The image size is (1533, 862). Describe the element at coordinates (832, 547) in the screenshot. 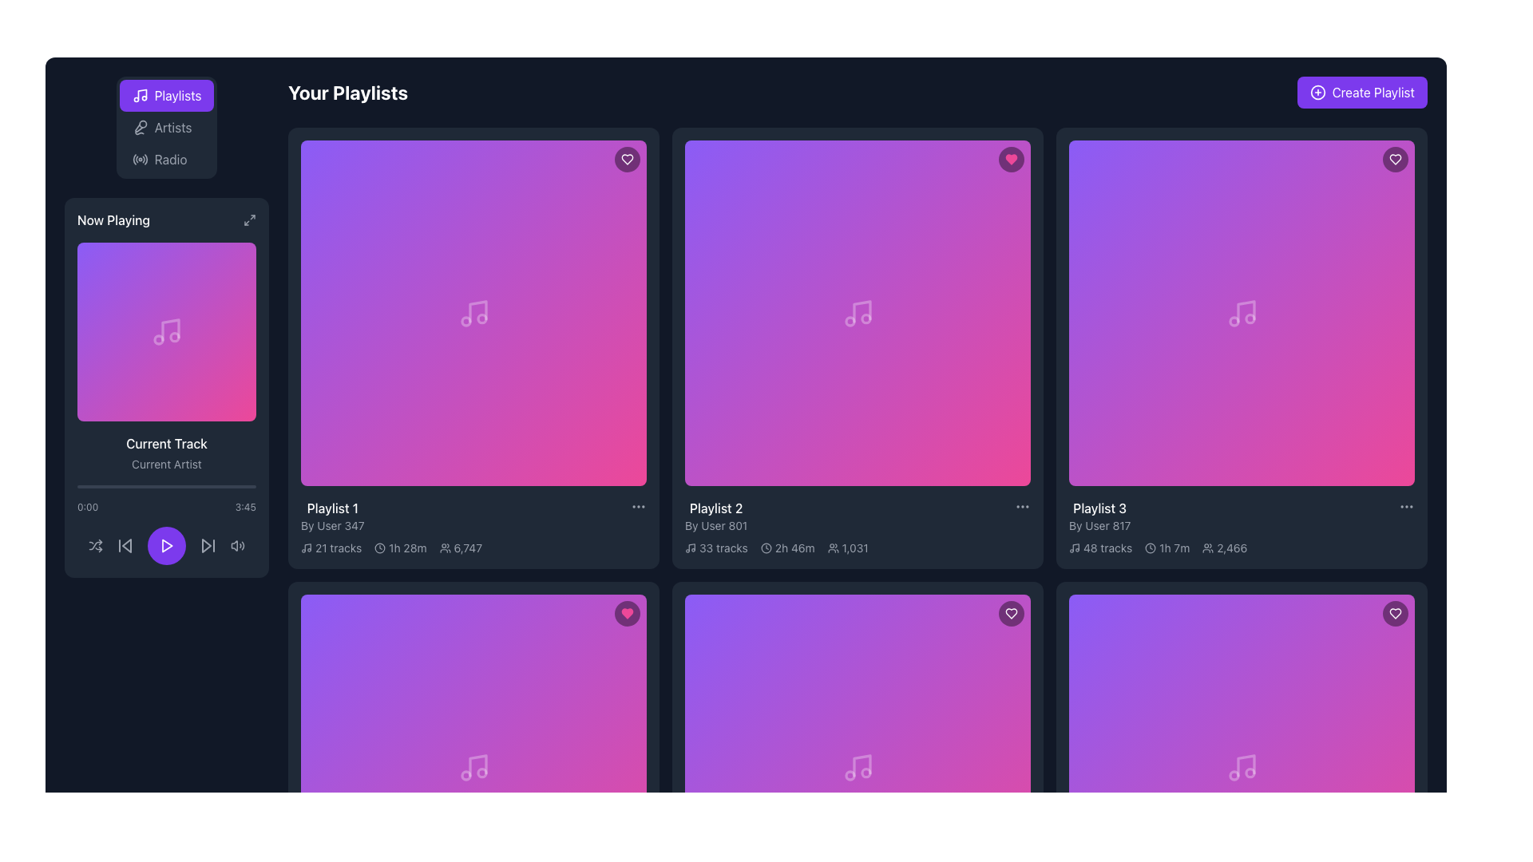

I see `the icon representing two stylized outlines of people located to the left of the number '1,031' in the statistics section under the 'Playlist 2' card` at that location.